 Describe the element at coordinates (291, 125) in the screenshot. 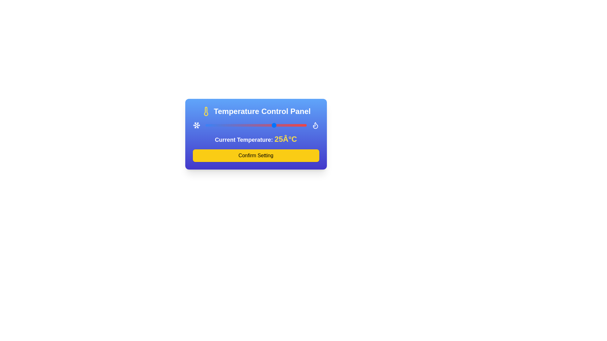

I see `the temperature slider to 38°C` at that location.